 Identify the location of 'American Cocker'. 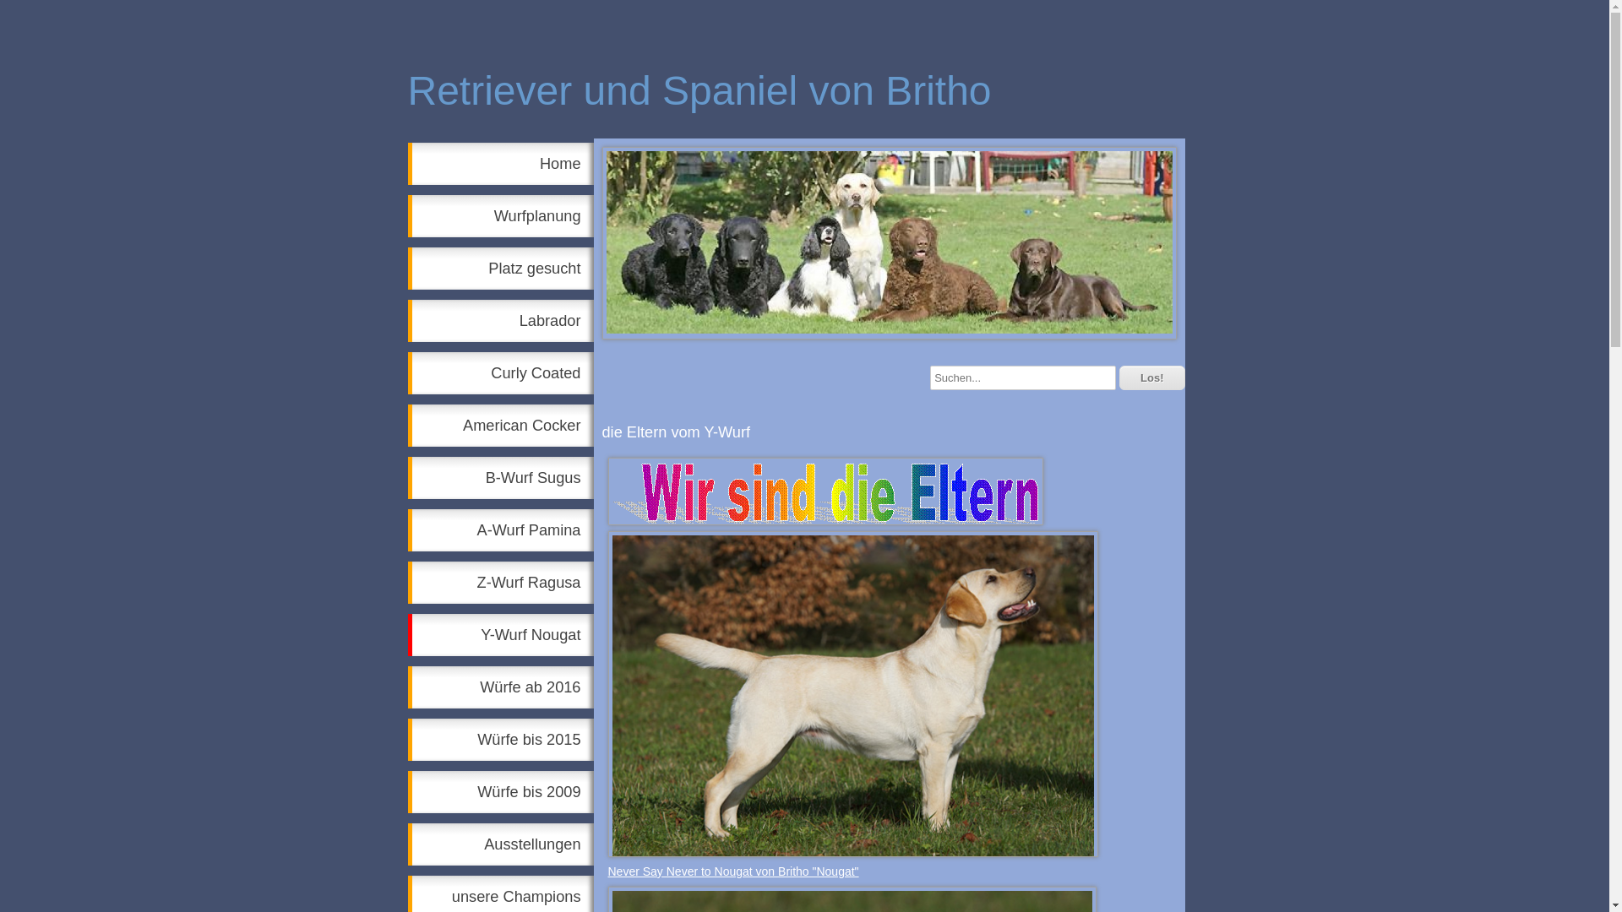
(498, 425).